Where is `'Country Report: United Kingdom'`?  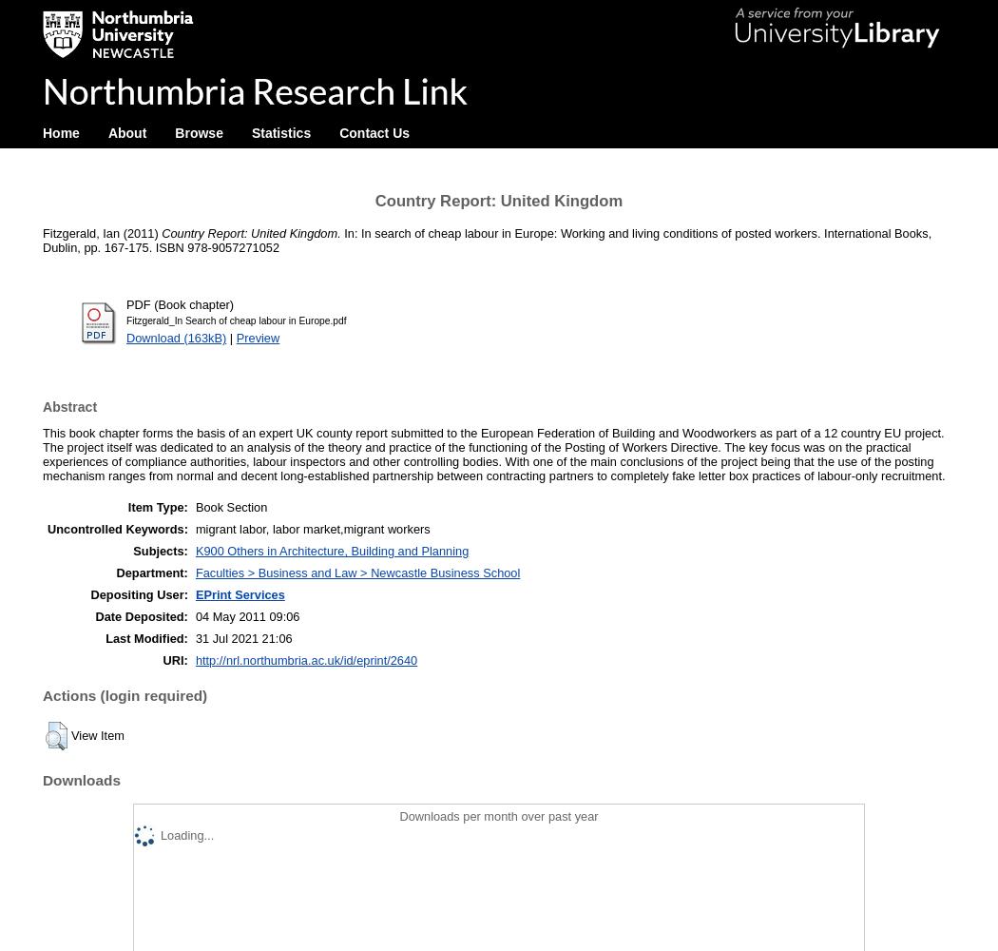
'Country Report: United Kingdom' is located at coordinates (497, 200).